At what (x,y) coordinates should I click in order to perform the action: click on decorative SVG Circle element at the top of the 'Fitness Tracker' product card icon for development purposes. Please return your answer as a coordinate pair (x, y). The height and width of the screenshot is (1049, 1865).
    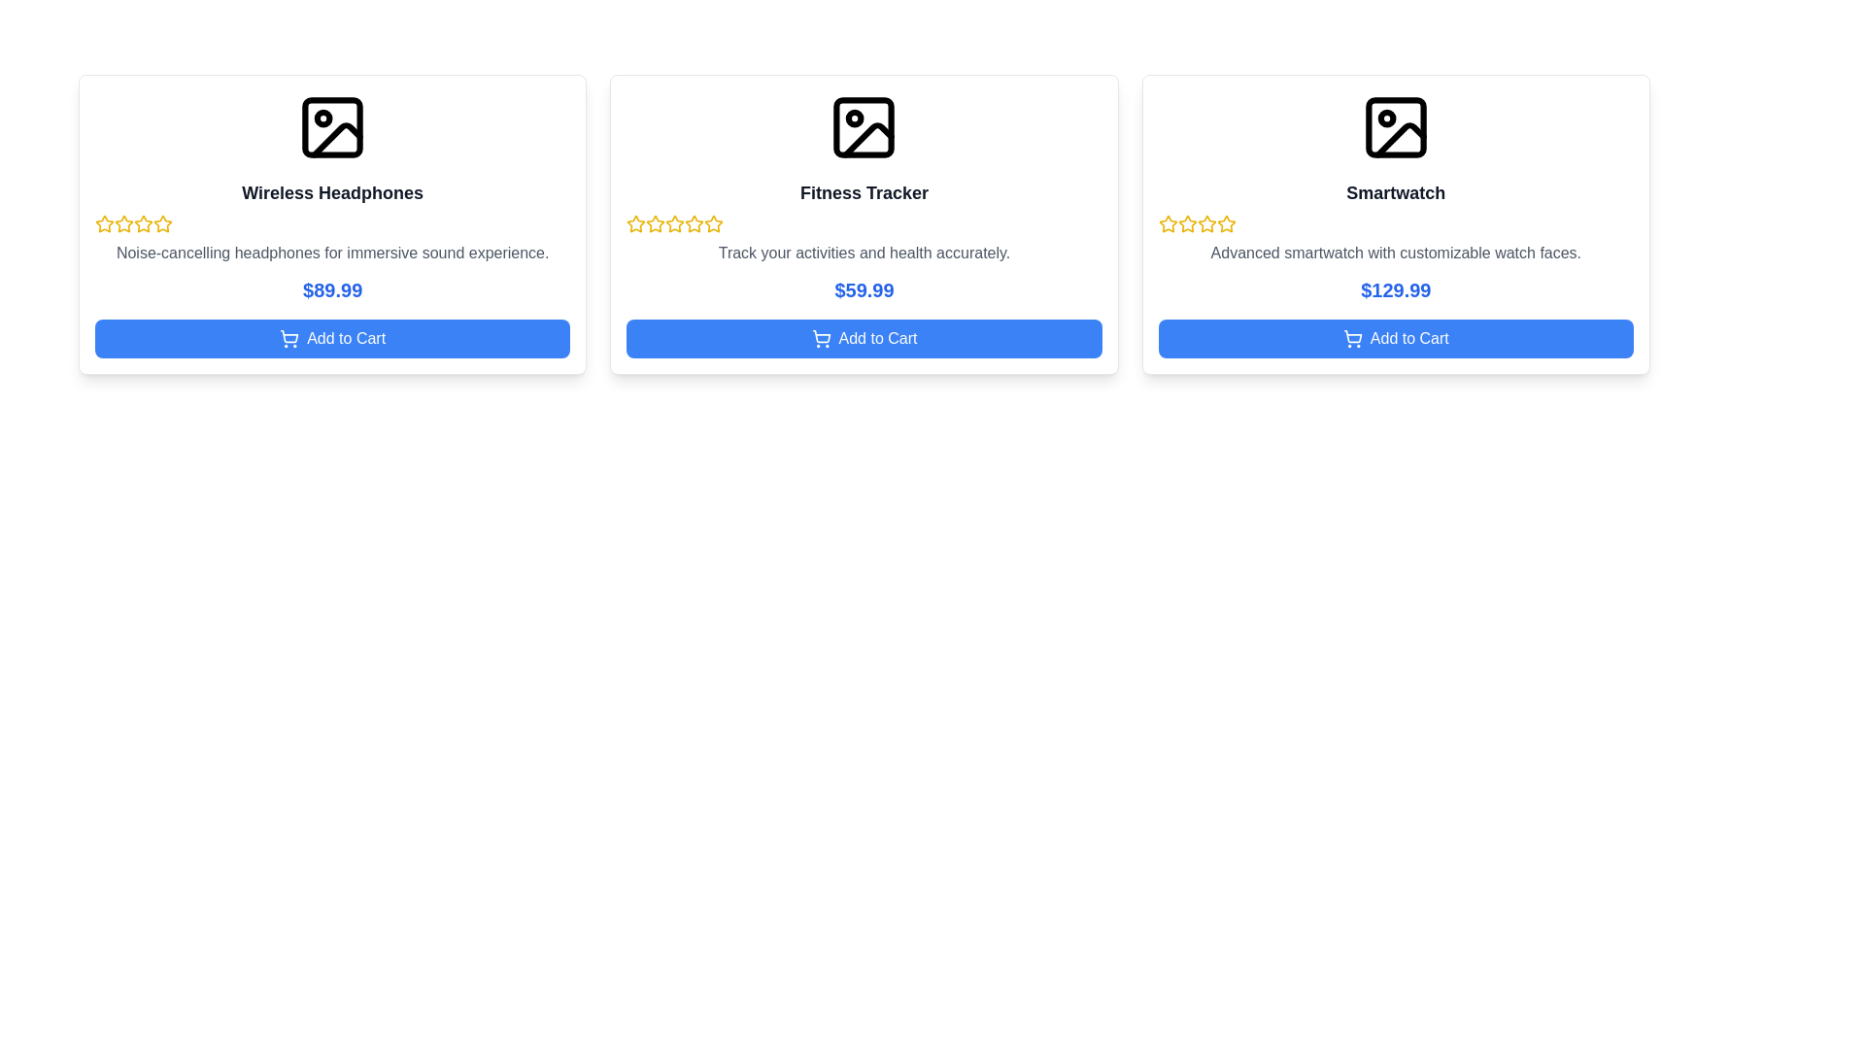
    Looking at the image, I should click on (855, 118).